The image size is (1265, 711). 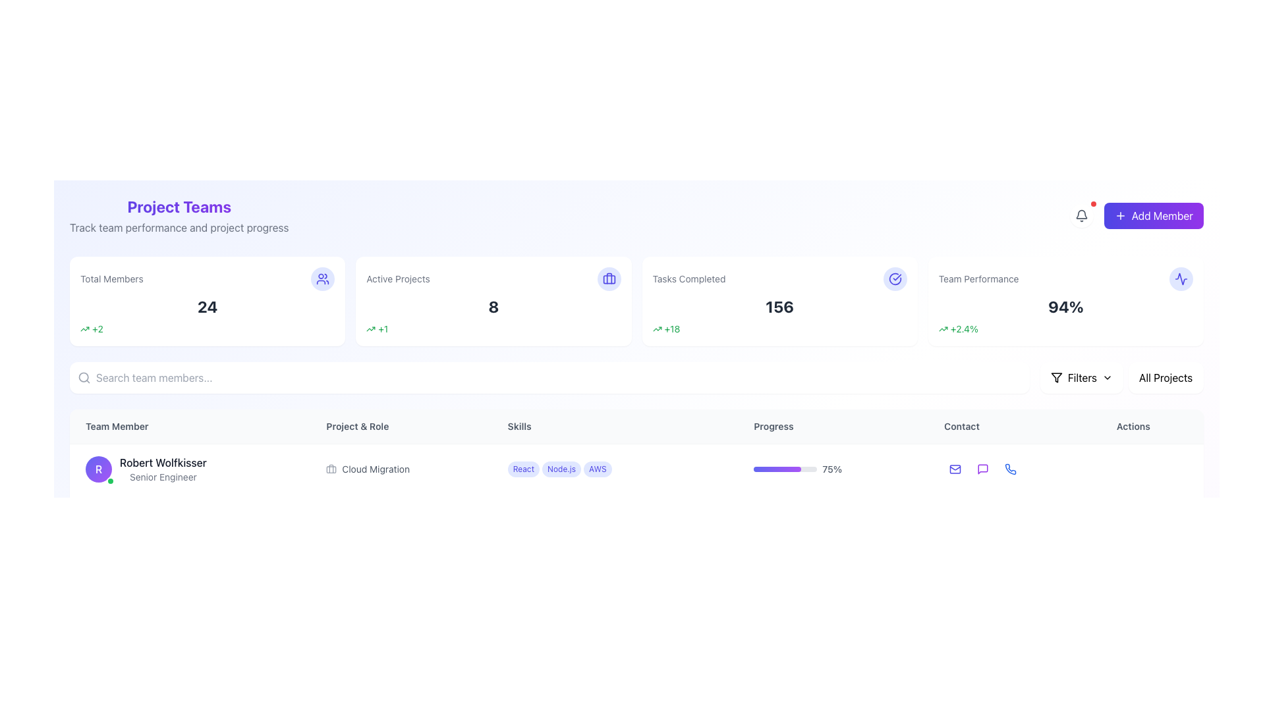 I want to click on the static informational text displaying '+18' in green color, located next to the upward arrow icon in the third metrics card labeled 'Tasks Completed.', so click(x=672, y=329).